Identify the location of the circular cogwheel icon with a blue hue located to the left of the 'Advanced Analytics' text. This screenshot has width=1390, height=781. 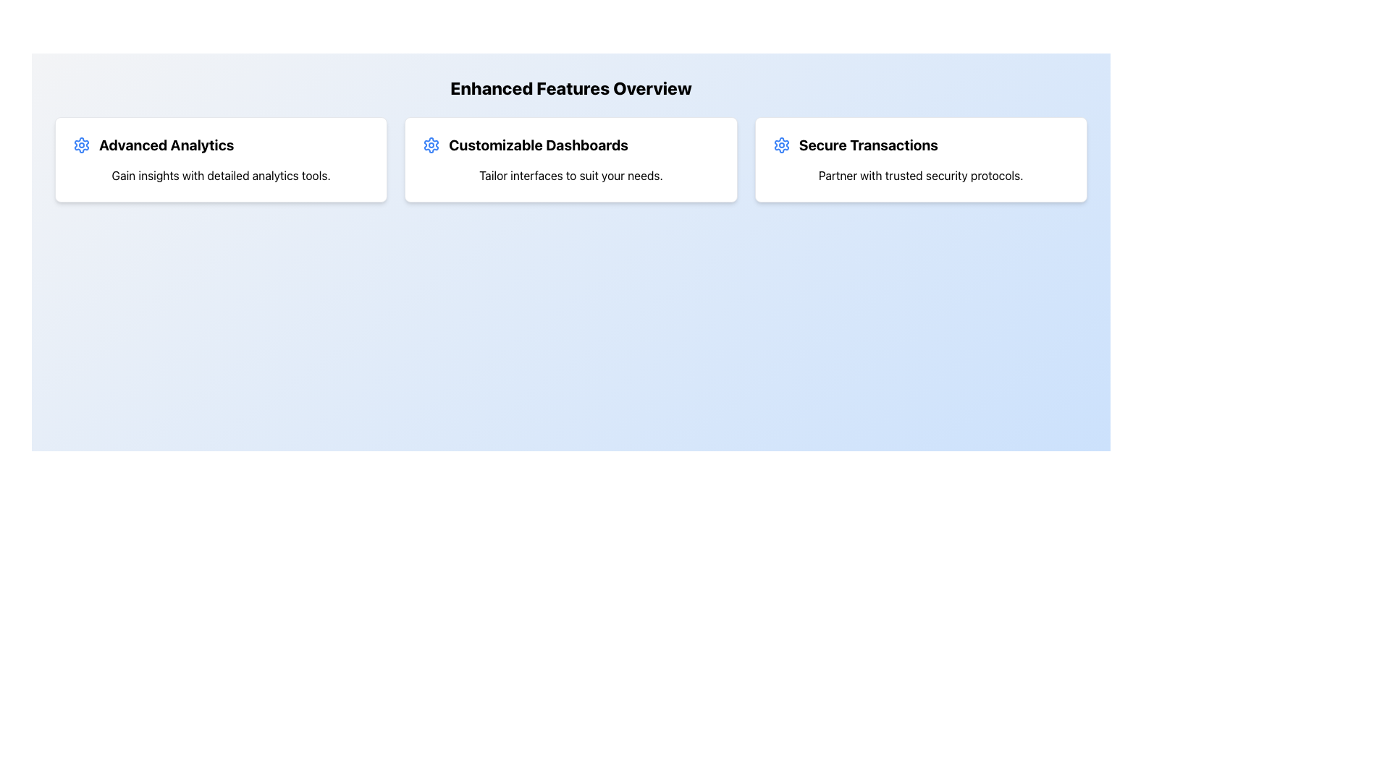
(780, 145).